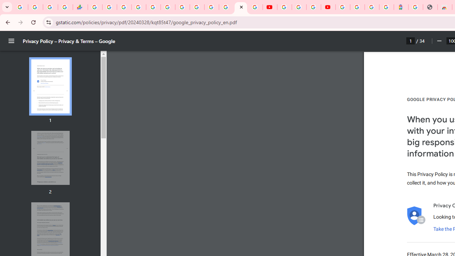  I want to click on 'Sign in - Google Accounts', so click(357, 7).